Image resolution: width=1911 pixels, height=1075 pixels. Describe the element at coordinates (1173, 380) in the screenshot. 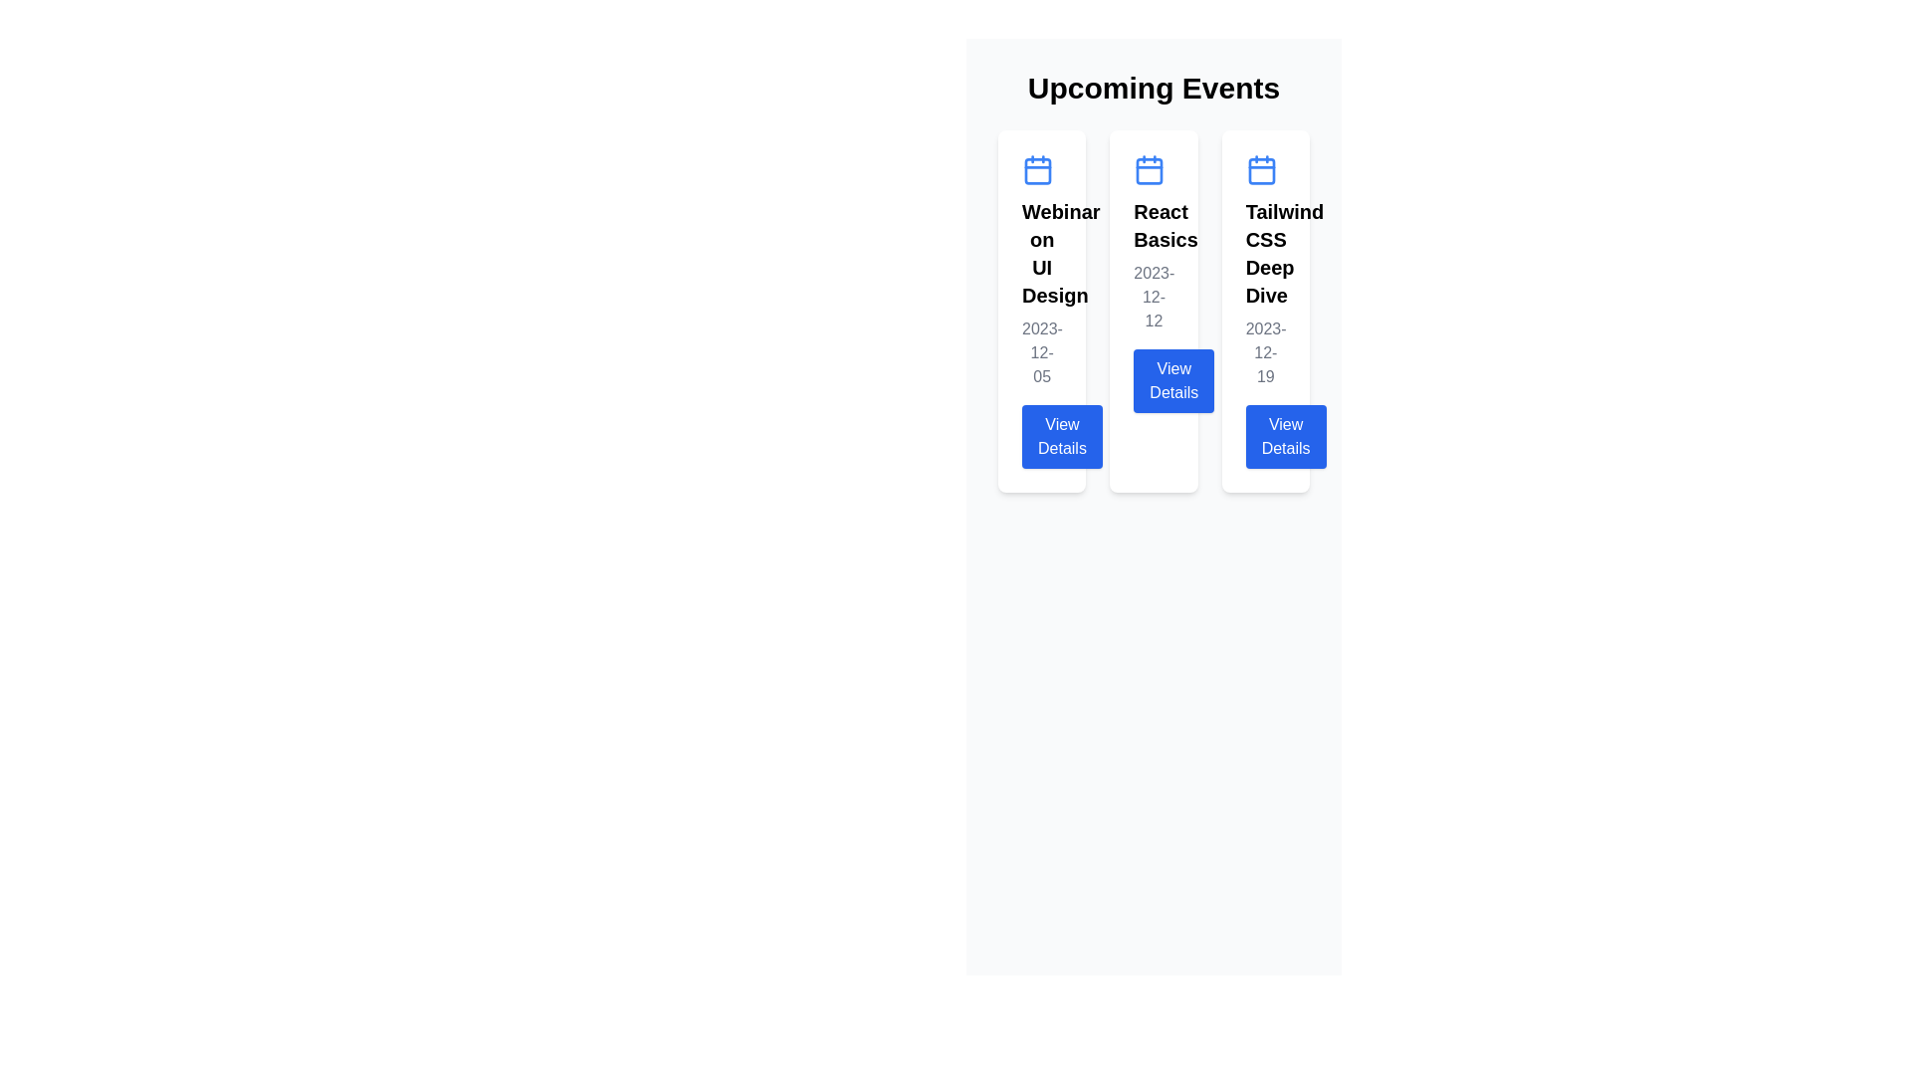

I see `the button in the 'React Basics' card located beneath the text '2023-12-12'` at that location.